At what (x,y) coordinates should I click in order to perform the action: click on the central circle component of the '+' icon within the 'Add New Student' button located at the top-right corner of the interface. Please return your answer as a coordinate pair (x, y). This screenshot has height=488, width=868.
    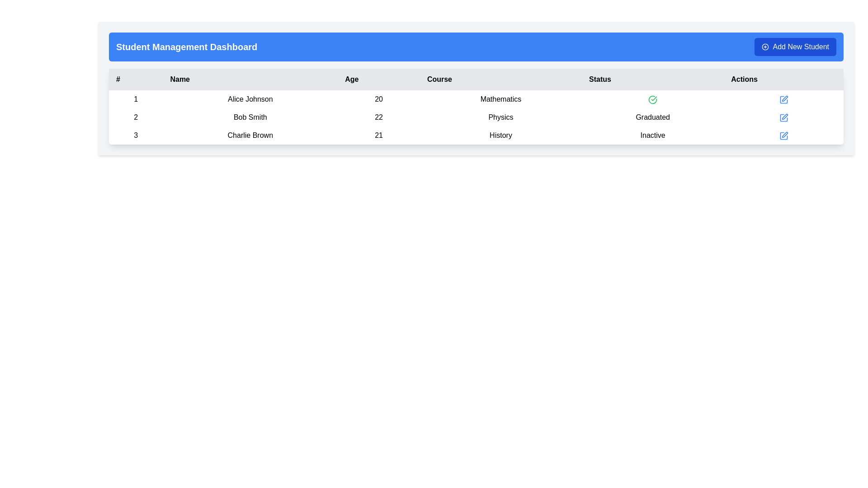
    Looking at the image, I should click on (765, 47).